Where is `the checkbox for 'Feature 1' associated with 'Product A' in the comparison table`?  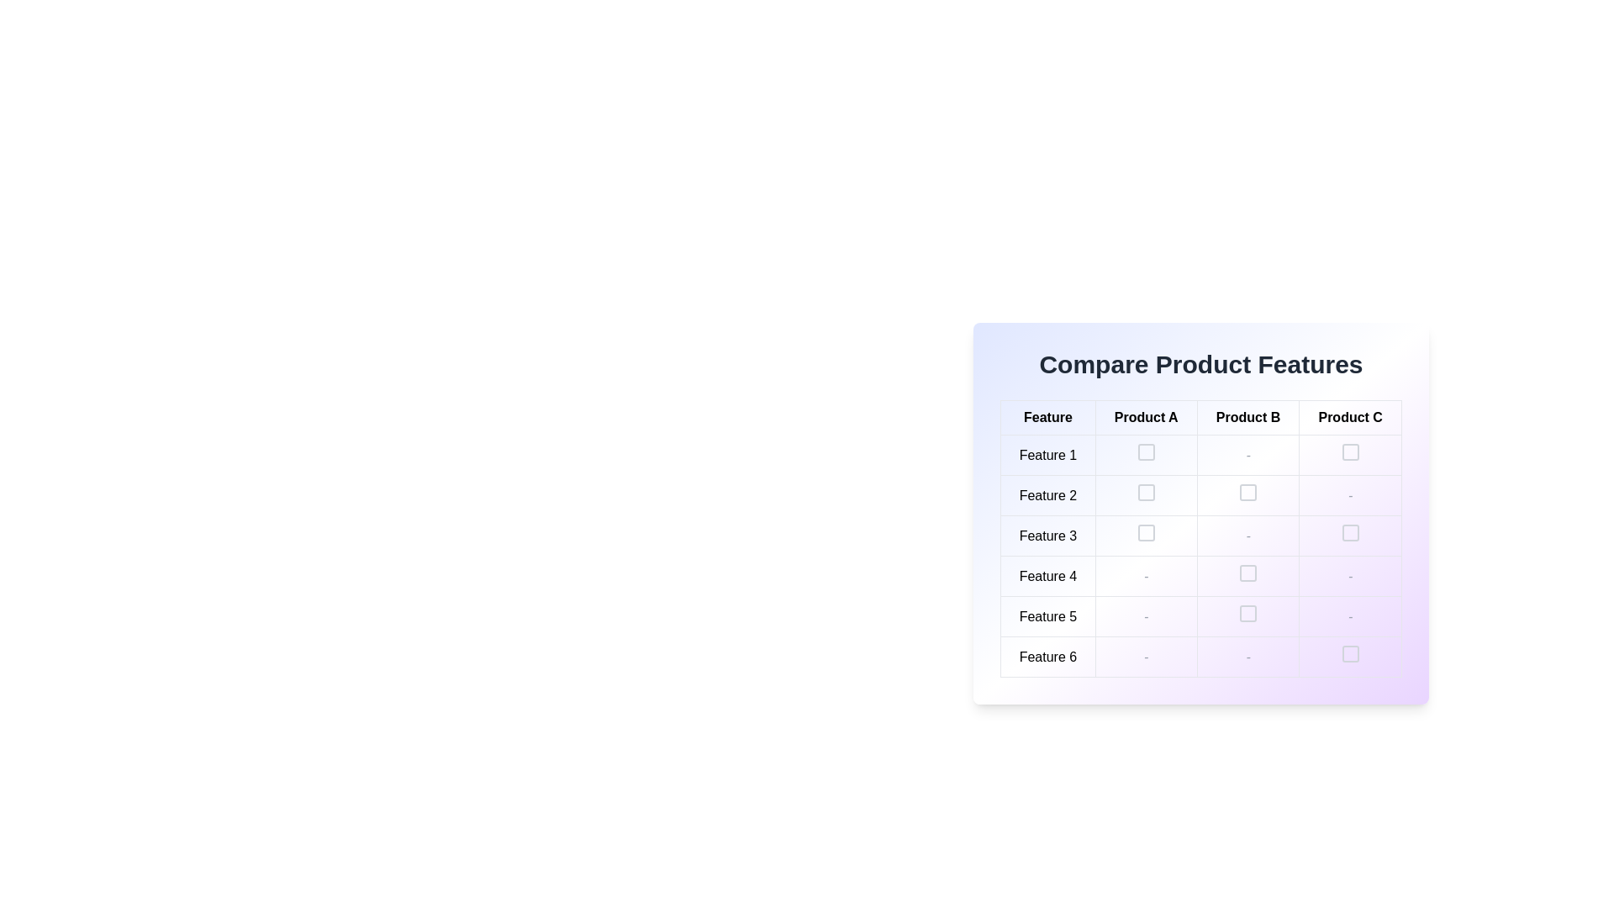 the checkbox for 'Feature 1' associated with 'Product A' in the comparison table is located at coordinates (1145, 455).